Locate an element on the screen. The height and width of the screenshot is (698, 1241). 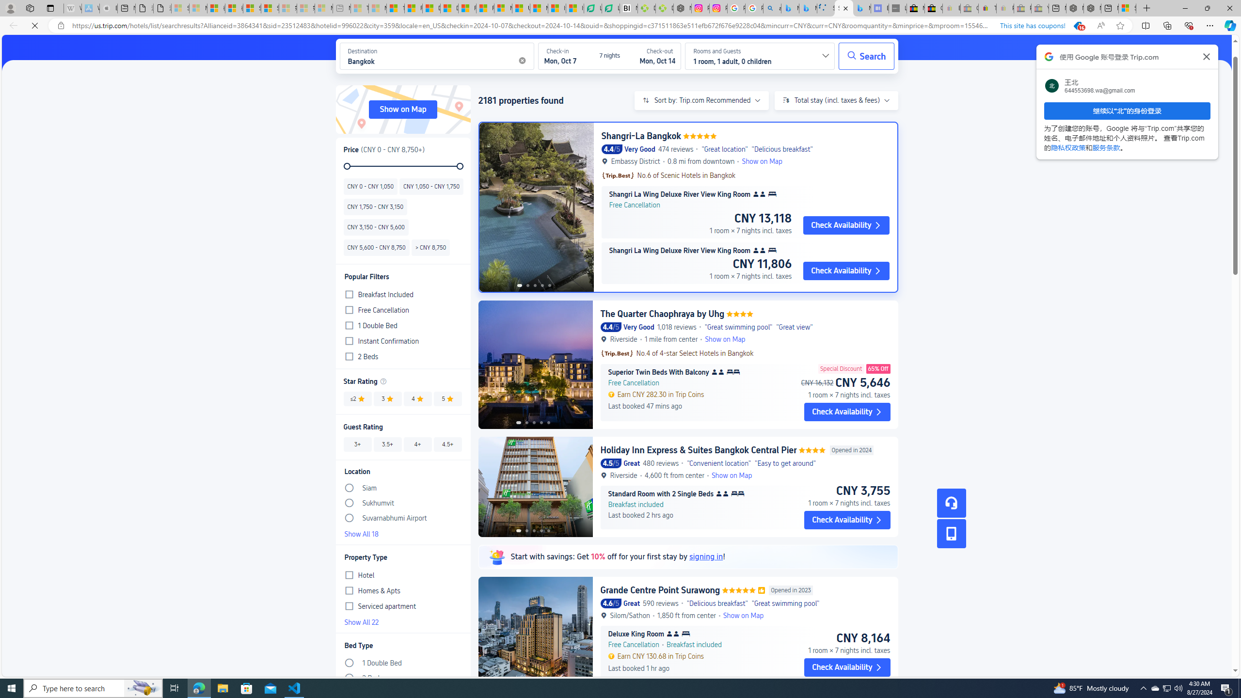
'Microsoft Services Agreement - Sleeping' is located at coordinates (197, 8).